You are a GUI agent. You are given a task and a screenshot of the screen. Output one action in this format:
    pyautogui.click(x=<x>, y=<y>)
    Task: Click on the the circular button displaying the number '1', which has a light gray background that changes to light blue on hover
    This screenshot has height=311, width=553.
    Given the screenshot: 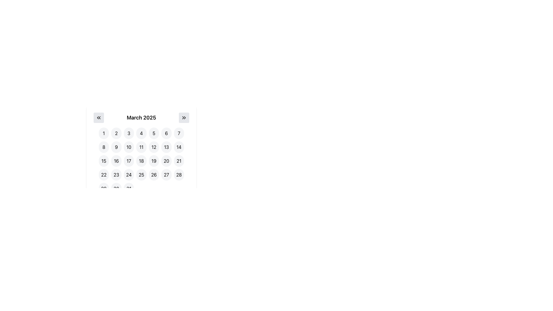 What is the action you would take?
    pyautogui.click(x=104, y=133)
    